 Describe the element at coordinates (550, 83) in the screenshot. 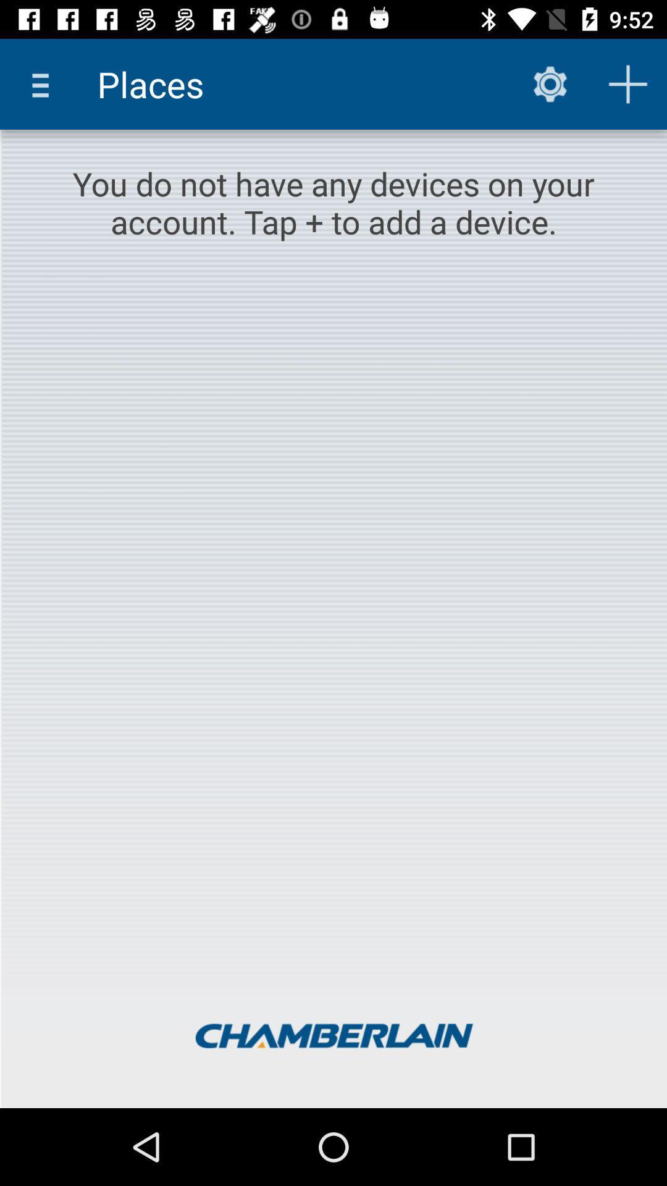

I see `the item above the you do not icon` at that location.